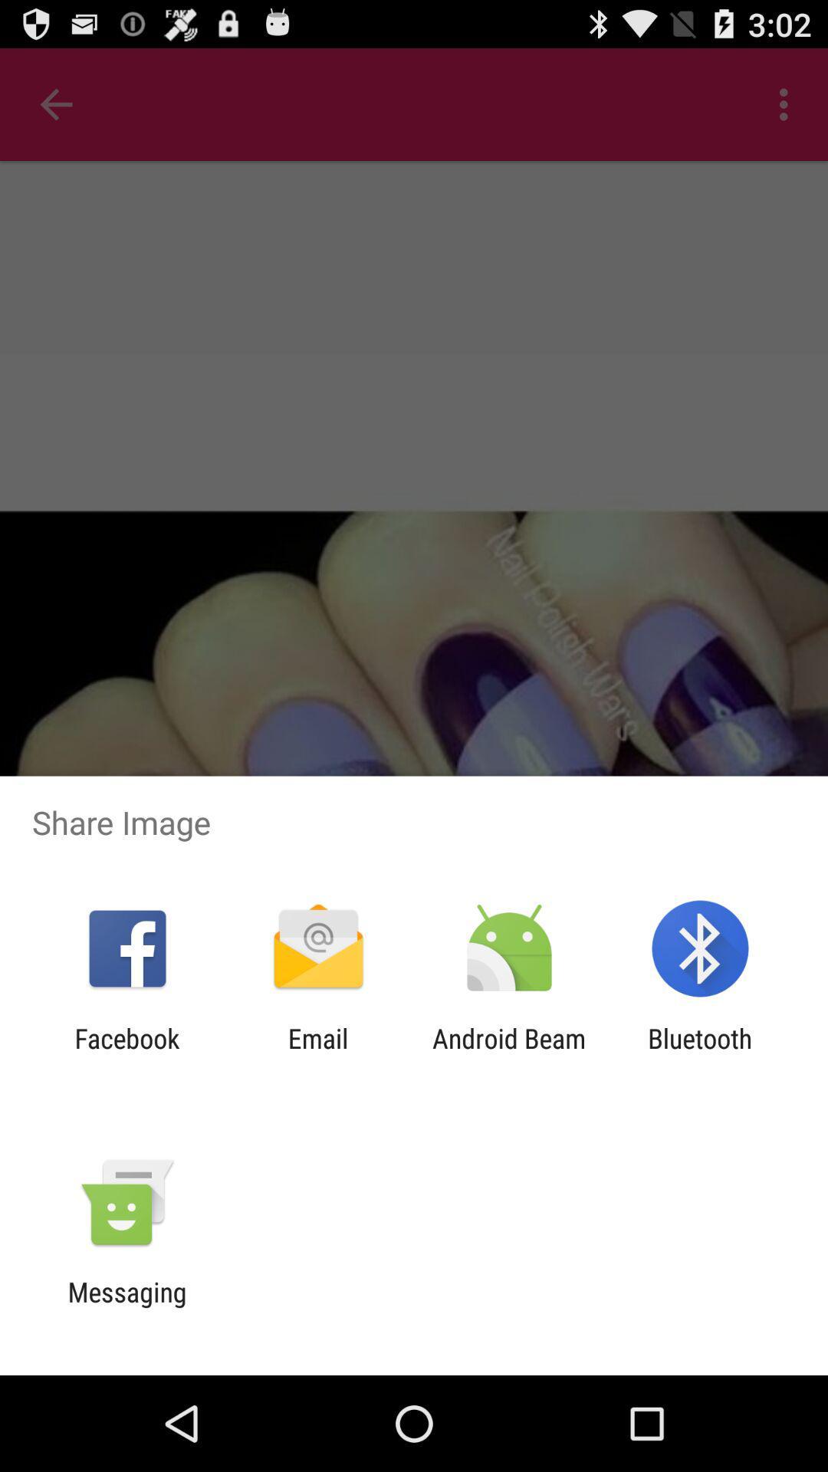  What do you see at coordinates (509, 1053) in the screenshot?
I see `the android beam app` at bounding box center [509, 1053].